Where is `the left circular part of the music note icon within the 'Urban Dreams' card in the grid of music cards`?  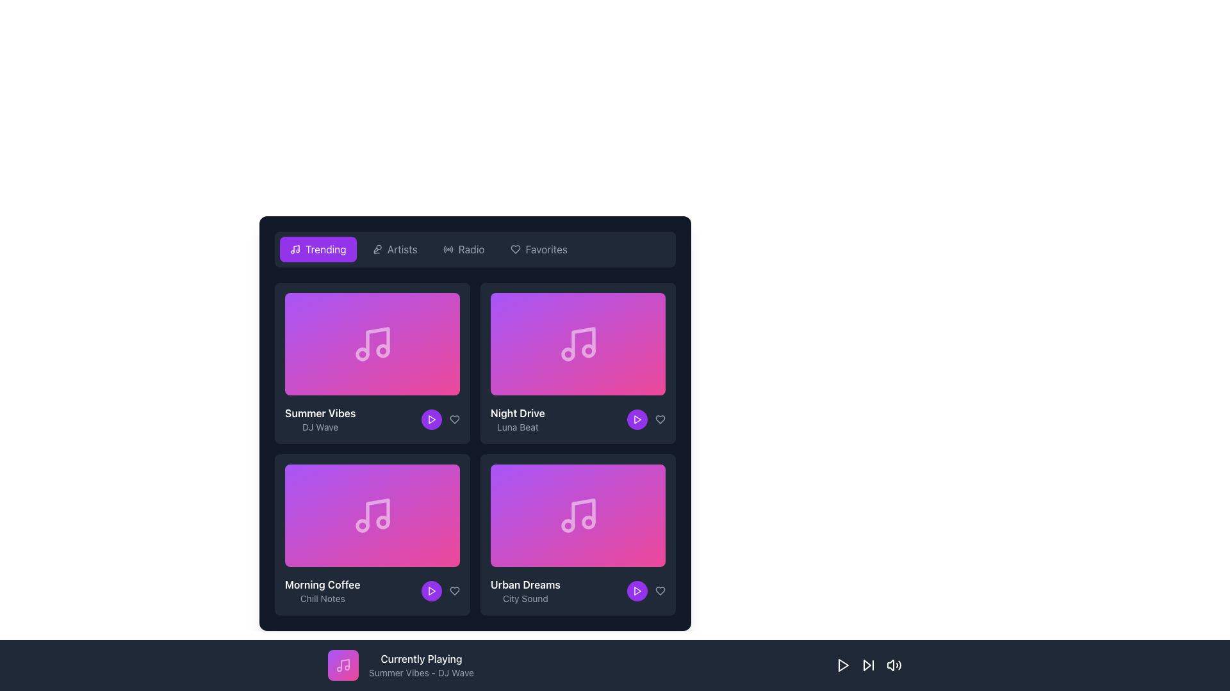 the left circular part of the music note icon within the 'Urban Dreams' card in the grid of music cards is located at coordinates (567, 525).